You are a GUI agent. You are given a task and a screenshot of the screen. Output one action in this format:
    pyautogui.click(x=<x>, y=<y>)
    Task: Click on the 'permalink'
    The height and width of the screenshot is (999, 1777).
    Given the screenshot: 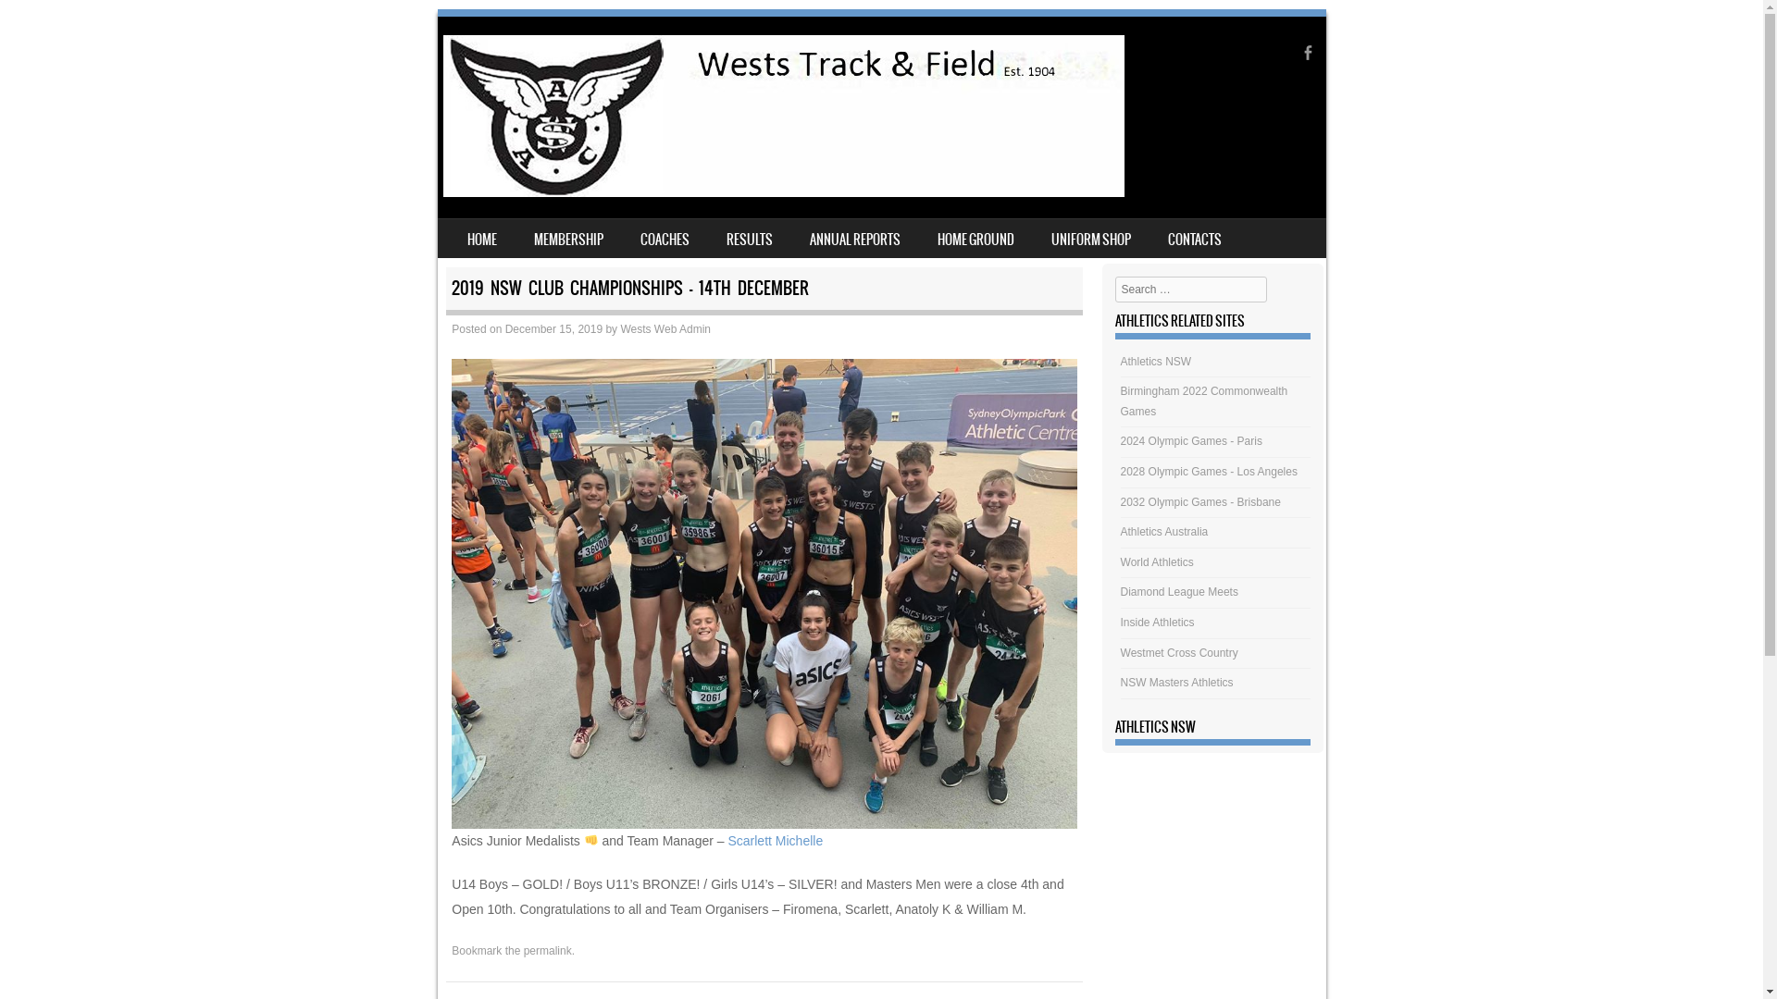 What is the action you would take?
    pyautogui.click(x=546, y=951)
    